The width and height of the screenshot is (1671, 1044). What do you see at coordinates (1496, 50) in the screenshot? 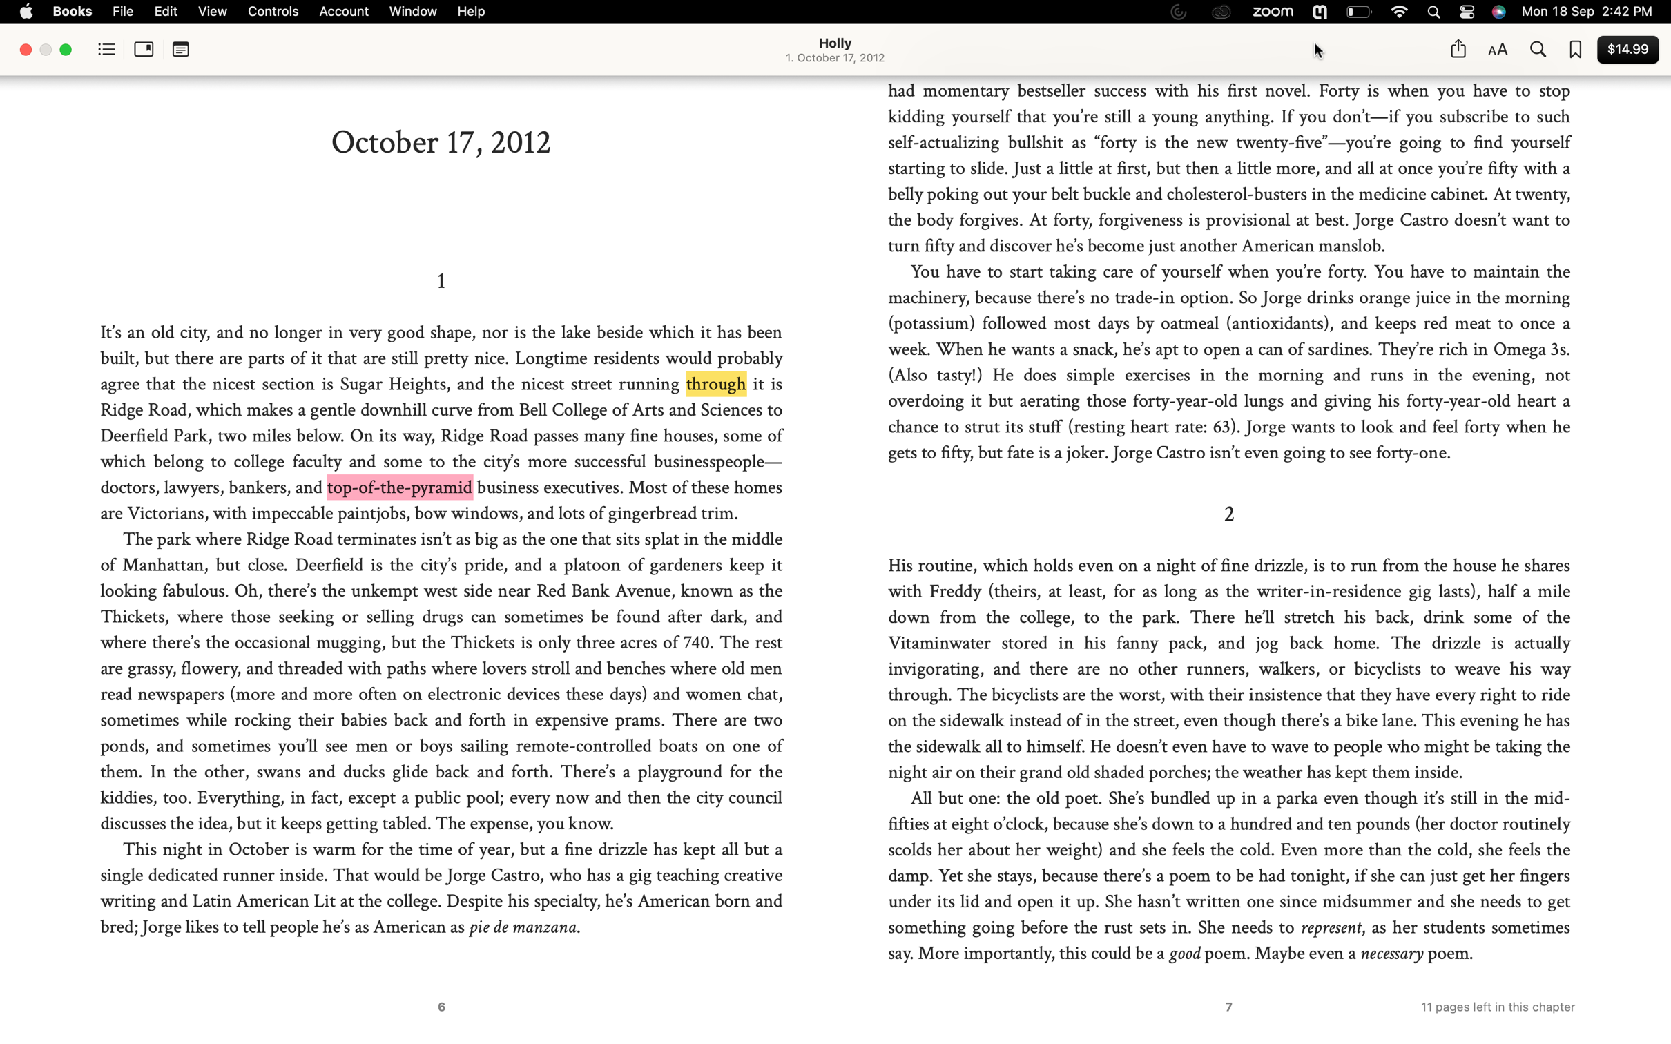
I see `Change the font to Arial` at bounding box center [1496, 50].